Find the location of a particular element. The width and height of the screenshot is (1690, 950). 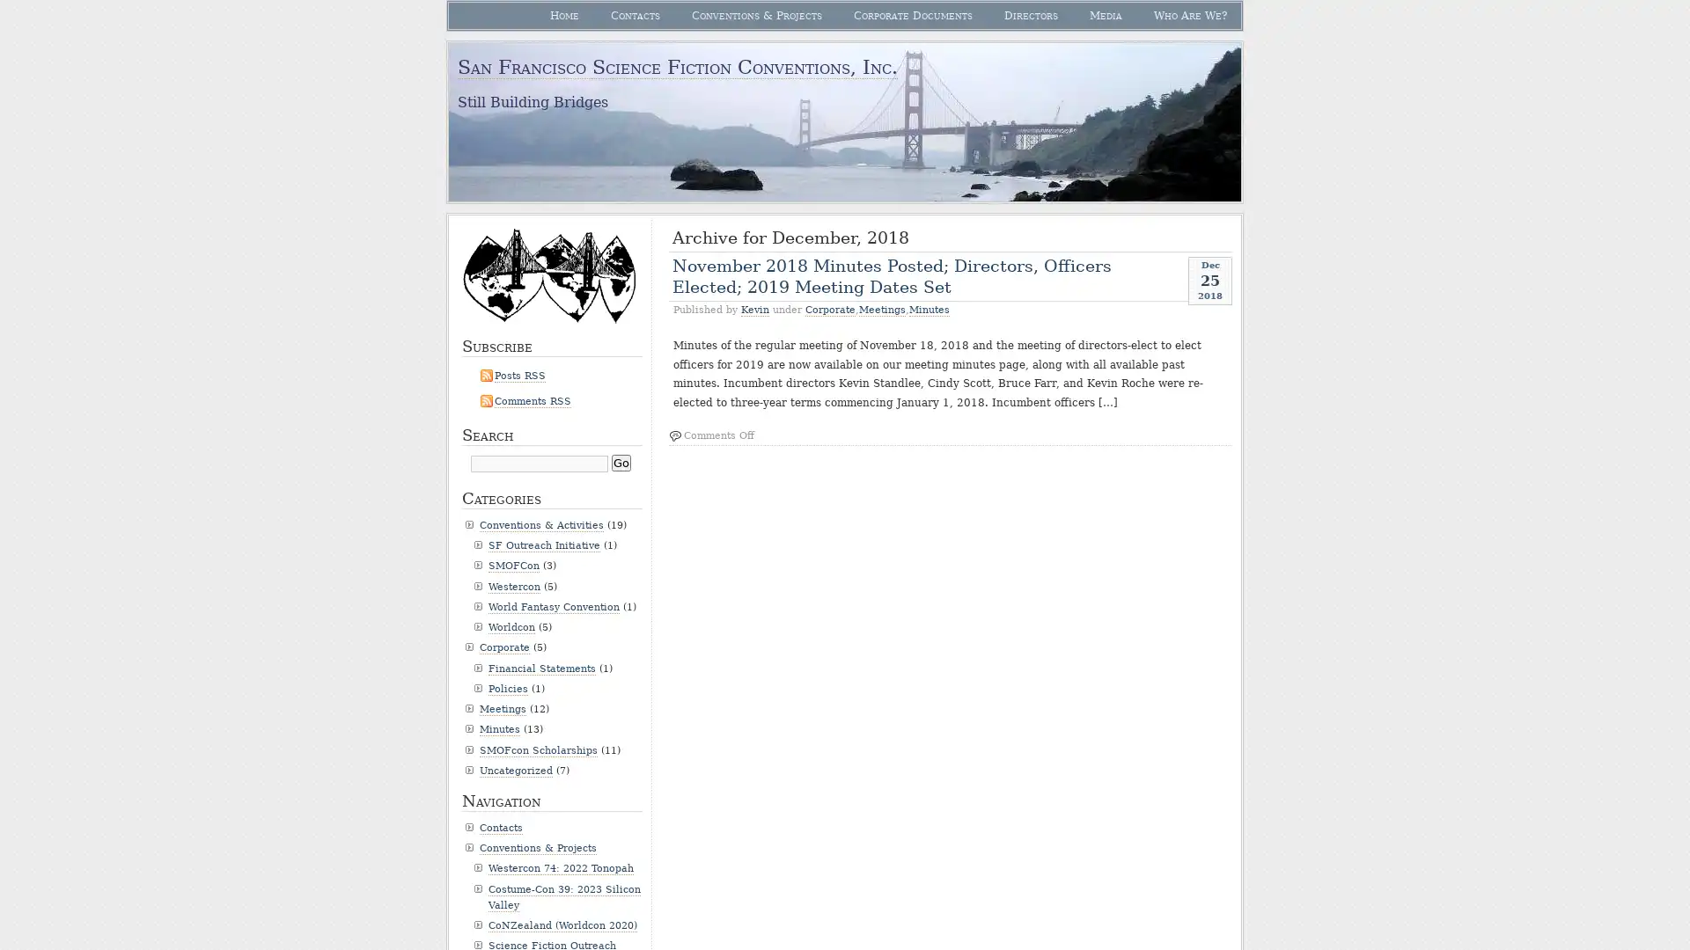

Go is located at coordinates (621, 461).